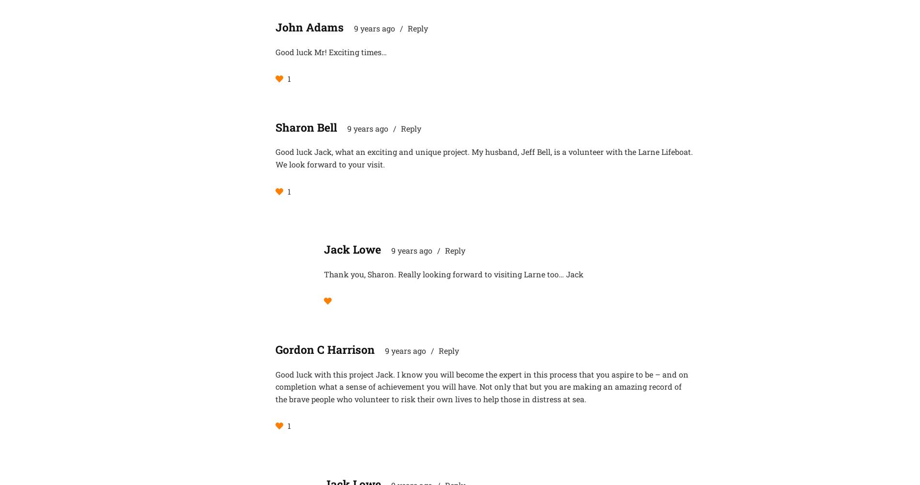  I want to click on 'Good luck Jack, what an exciting and unique project. My husband, Jeff Bell, is a volunteer with the Larne Lifeboat.  We look forward to your visit.', so click(484, 157).